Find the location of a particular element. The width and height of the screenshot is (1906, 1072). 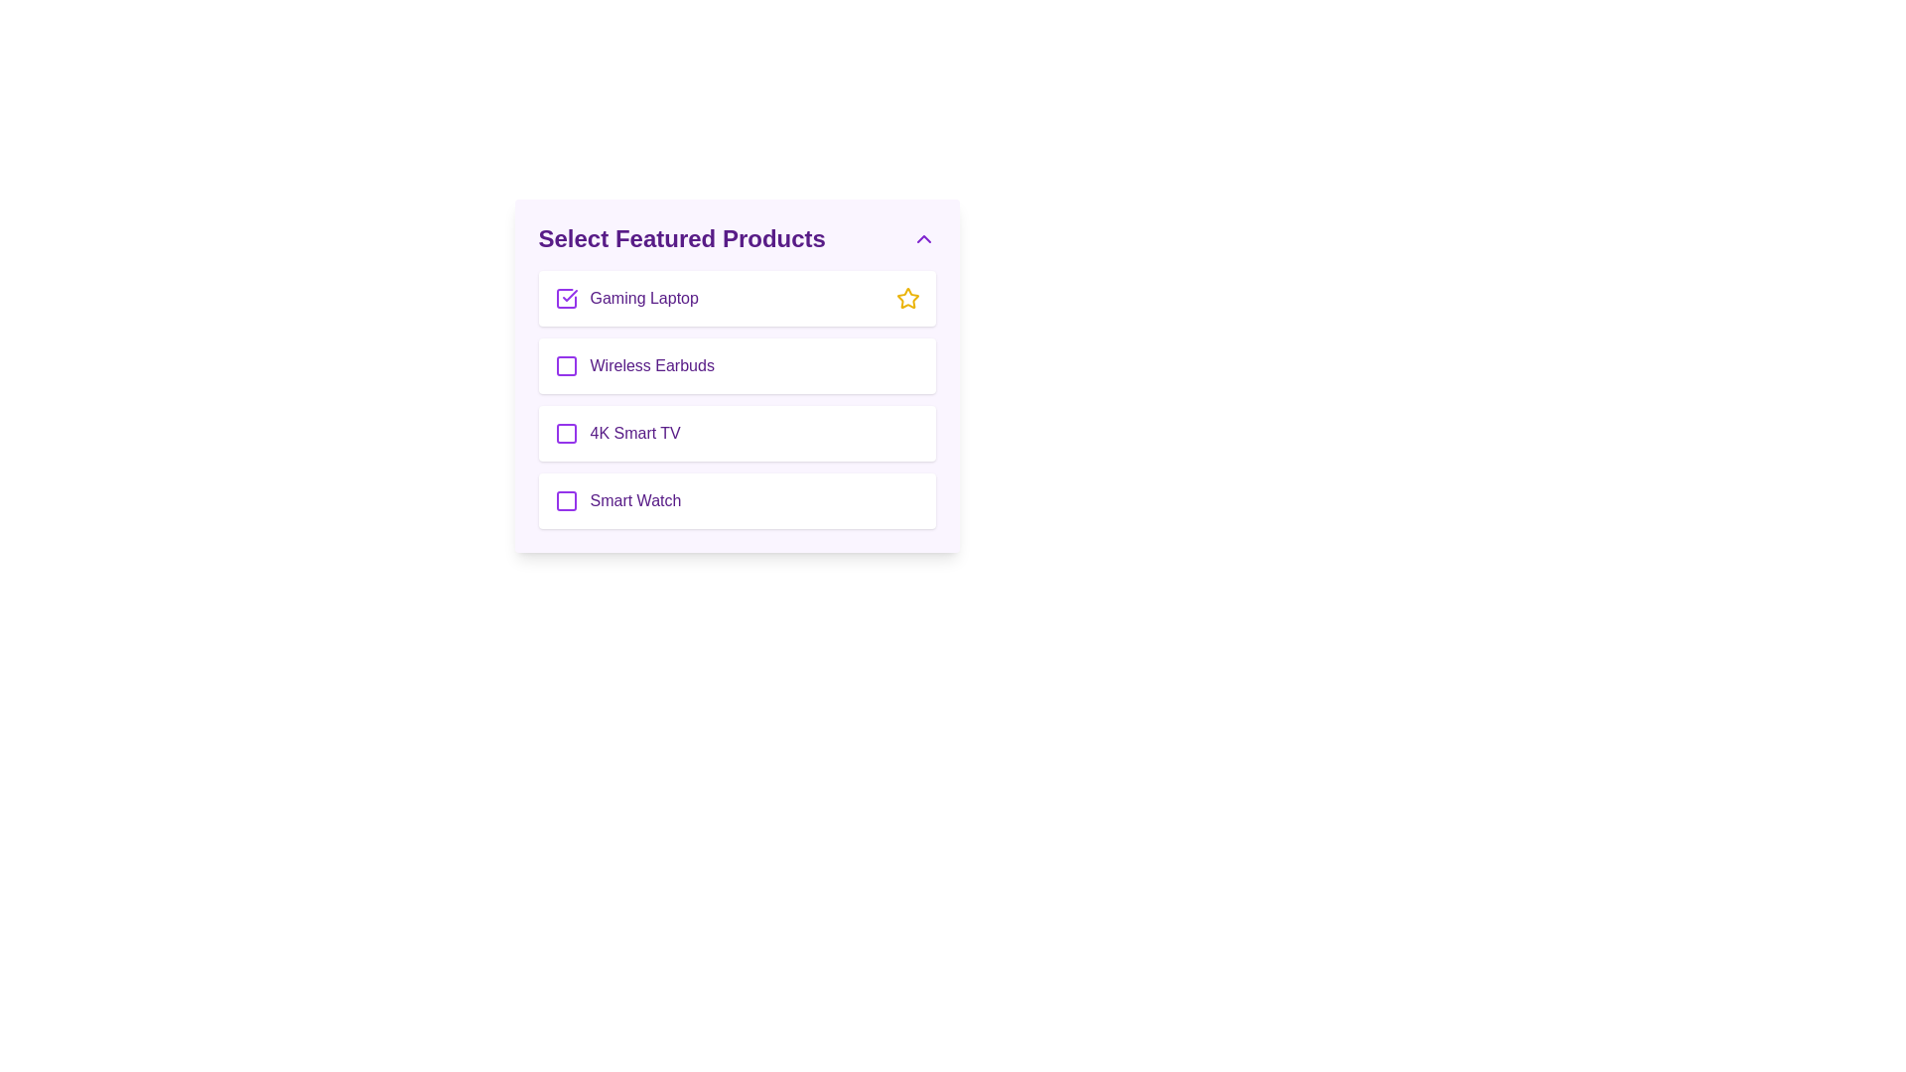

the selectable card representing 'Wireless Earbuds' is located at coordinates (736, 366).